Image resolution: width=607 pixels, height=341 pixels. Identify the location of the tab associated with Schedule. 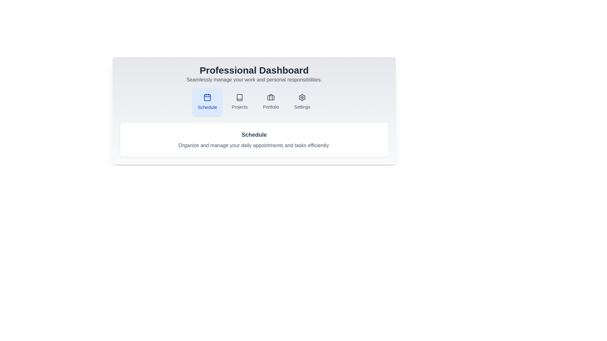
(207, 102).